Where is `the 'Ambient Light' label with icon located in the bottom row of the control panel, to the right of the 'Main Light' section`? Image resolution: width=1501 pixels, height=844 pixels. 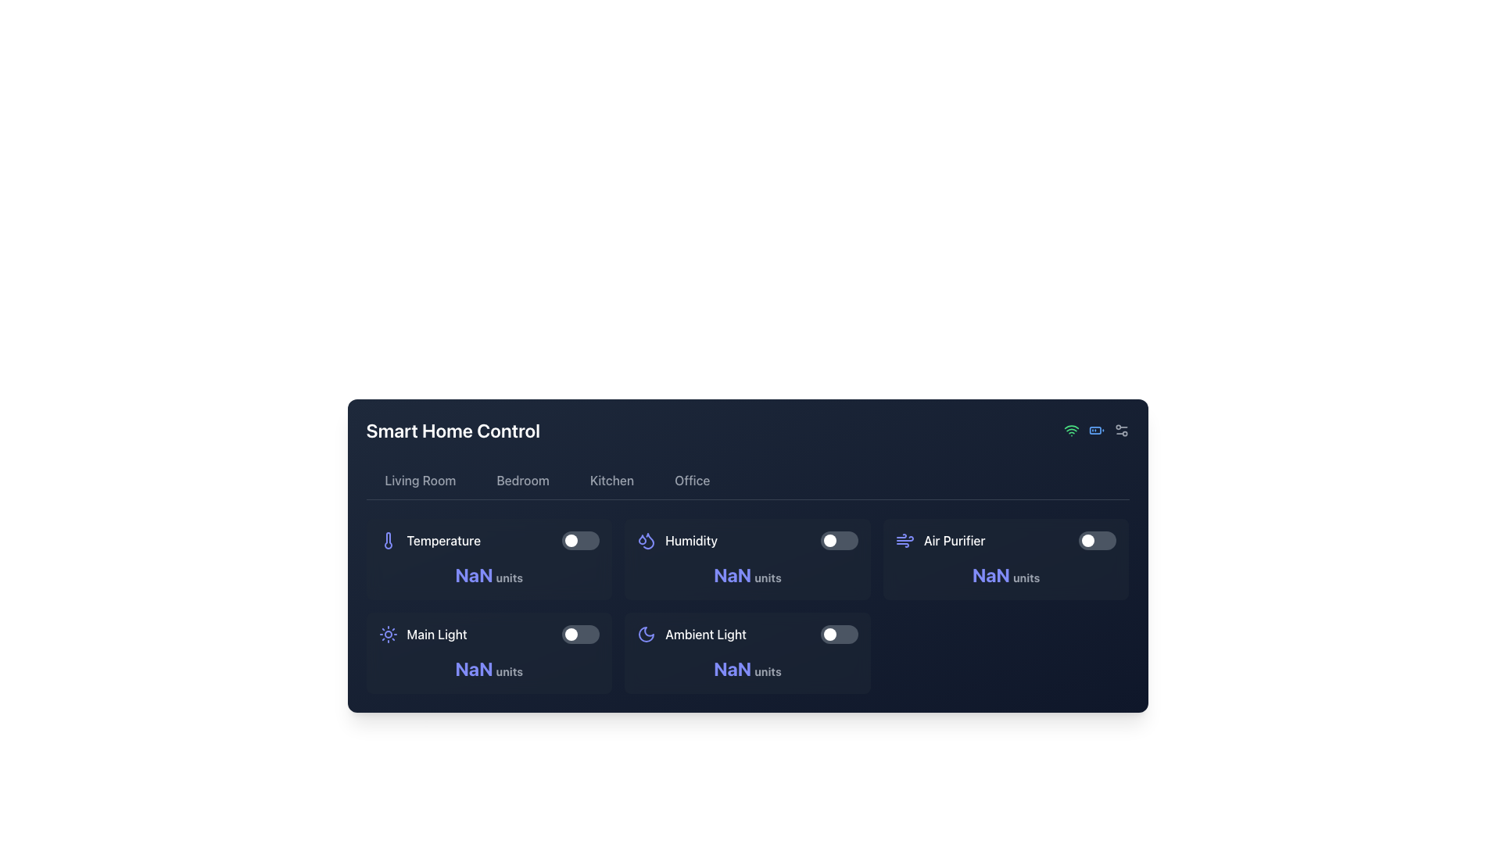 the 'Ambient Light' label with icon located in the bottom row of the control panel, to the right of the 'Main Light' section is located at coordinates (691, 635).